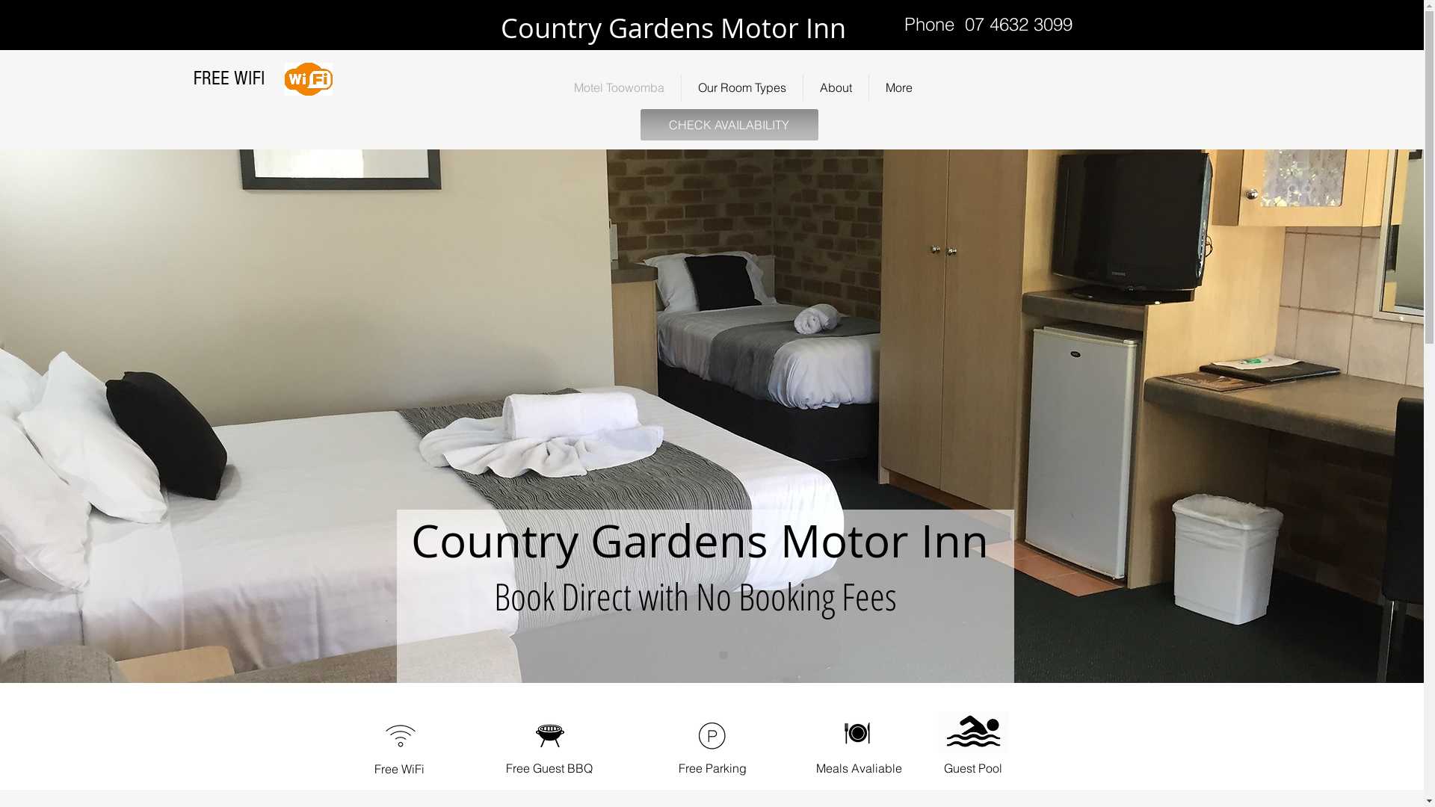 The width and height of the screenshot is (1435, 807). What do you see at coordinates (639, 123) in the screenshot?
I see `'CHECK AVAILABILITY'` at bounding box center [639, 123].